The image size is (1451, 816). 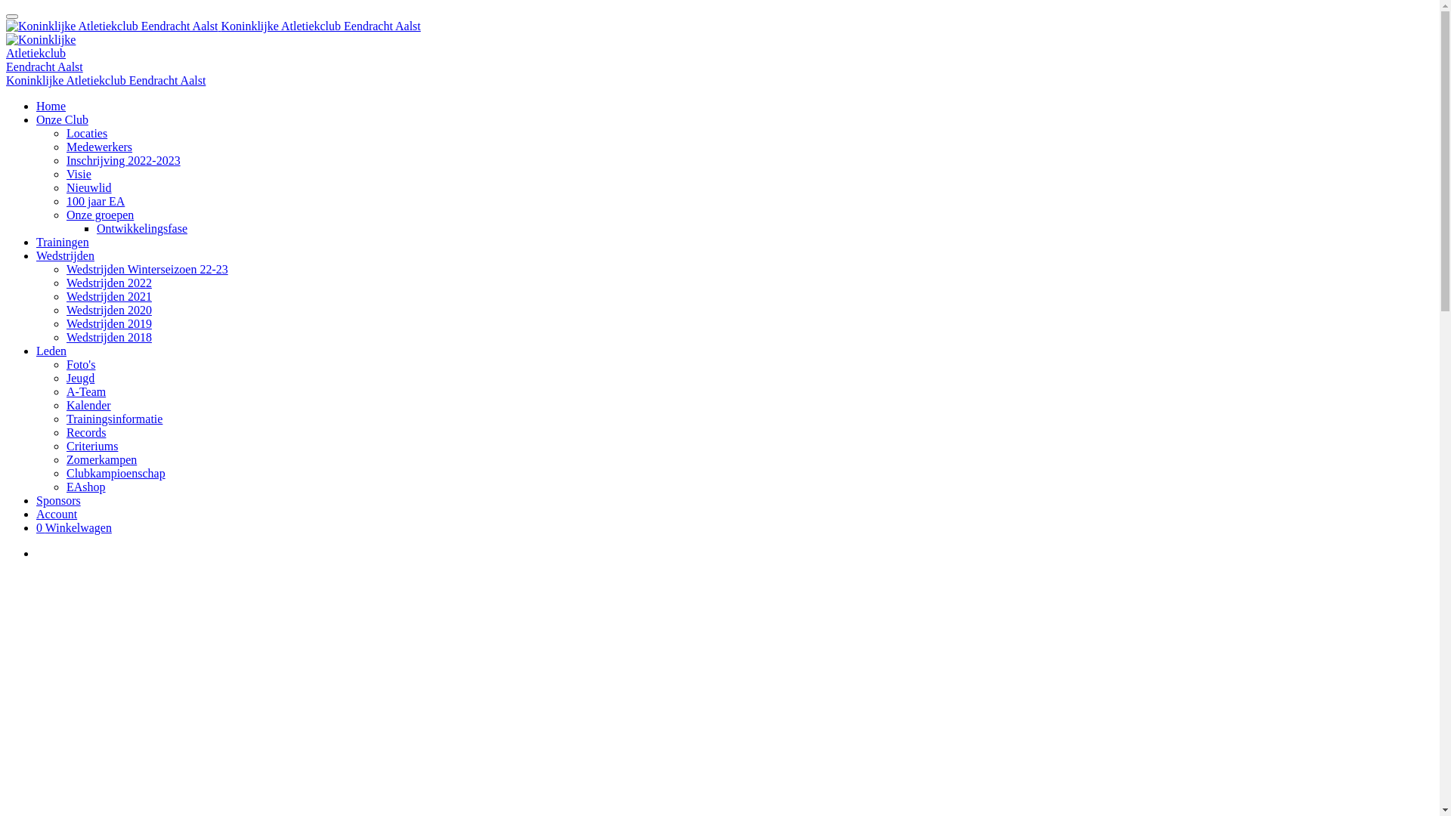 What do you see at coordinates (79, 377) in the screenshot?
I see `'Jeugd'` at bounding box center [79, 377].